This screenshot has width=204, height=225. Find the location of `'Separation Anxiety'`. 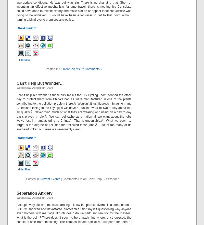

'Separation Anxiety' is located at coordinates (34, 193).